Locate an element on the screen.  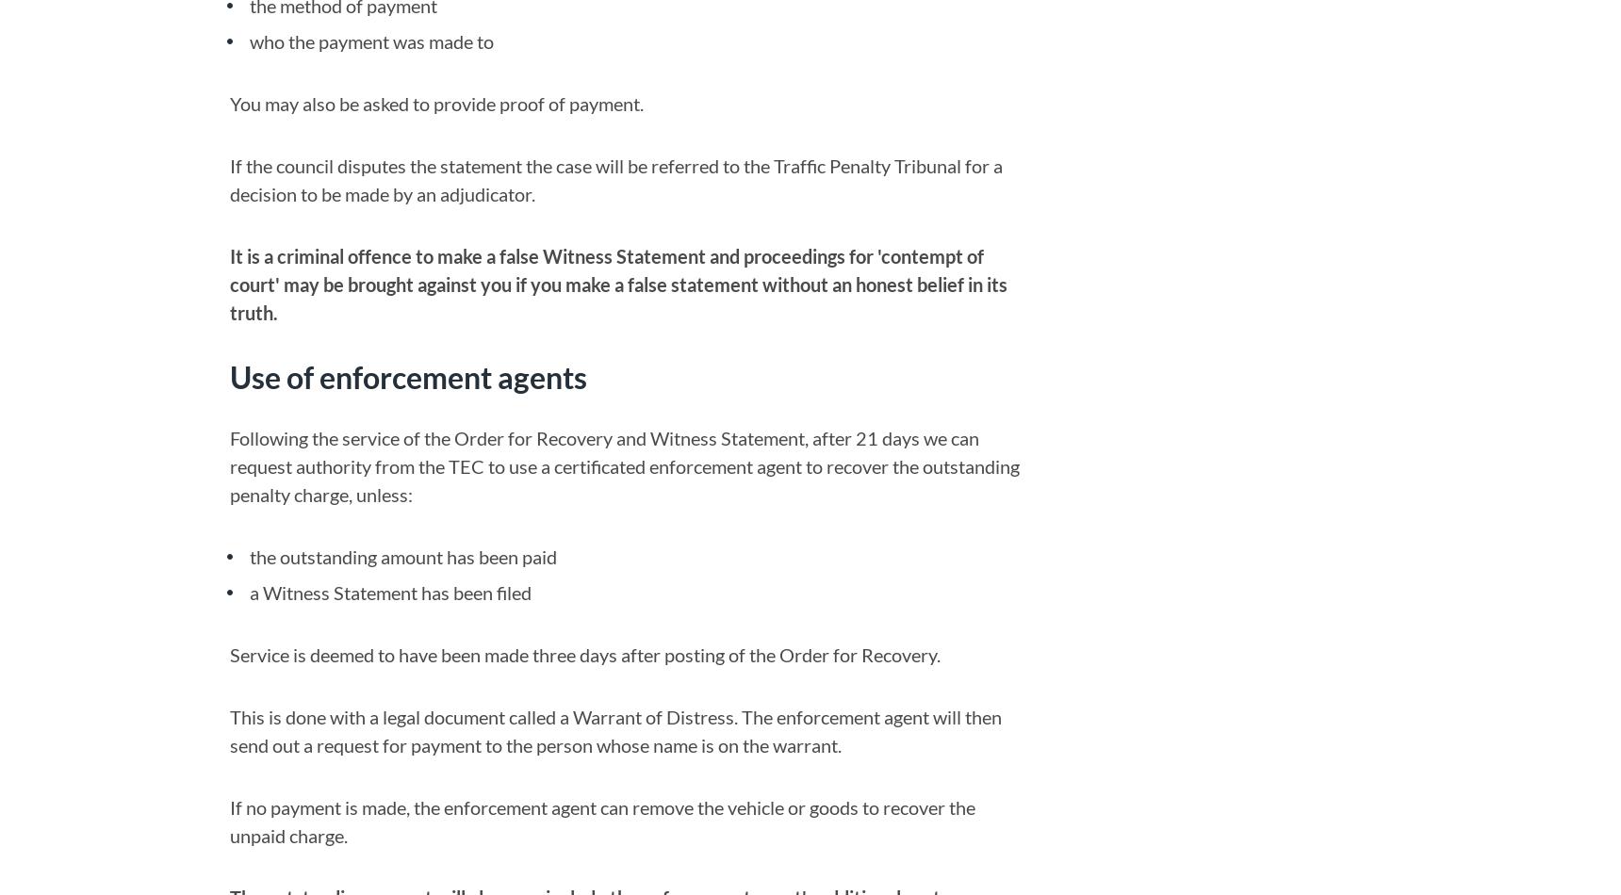
'Following the service of the Order for Recovery and Witness Statement, after 21 days we can request authority from the TEC to use a certificated enforcement agent to recover the outstanding penalty charge, unless:' is located at coordinates (625, 466).